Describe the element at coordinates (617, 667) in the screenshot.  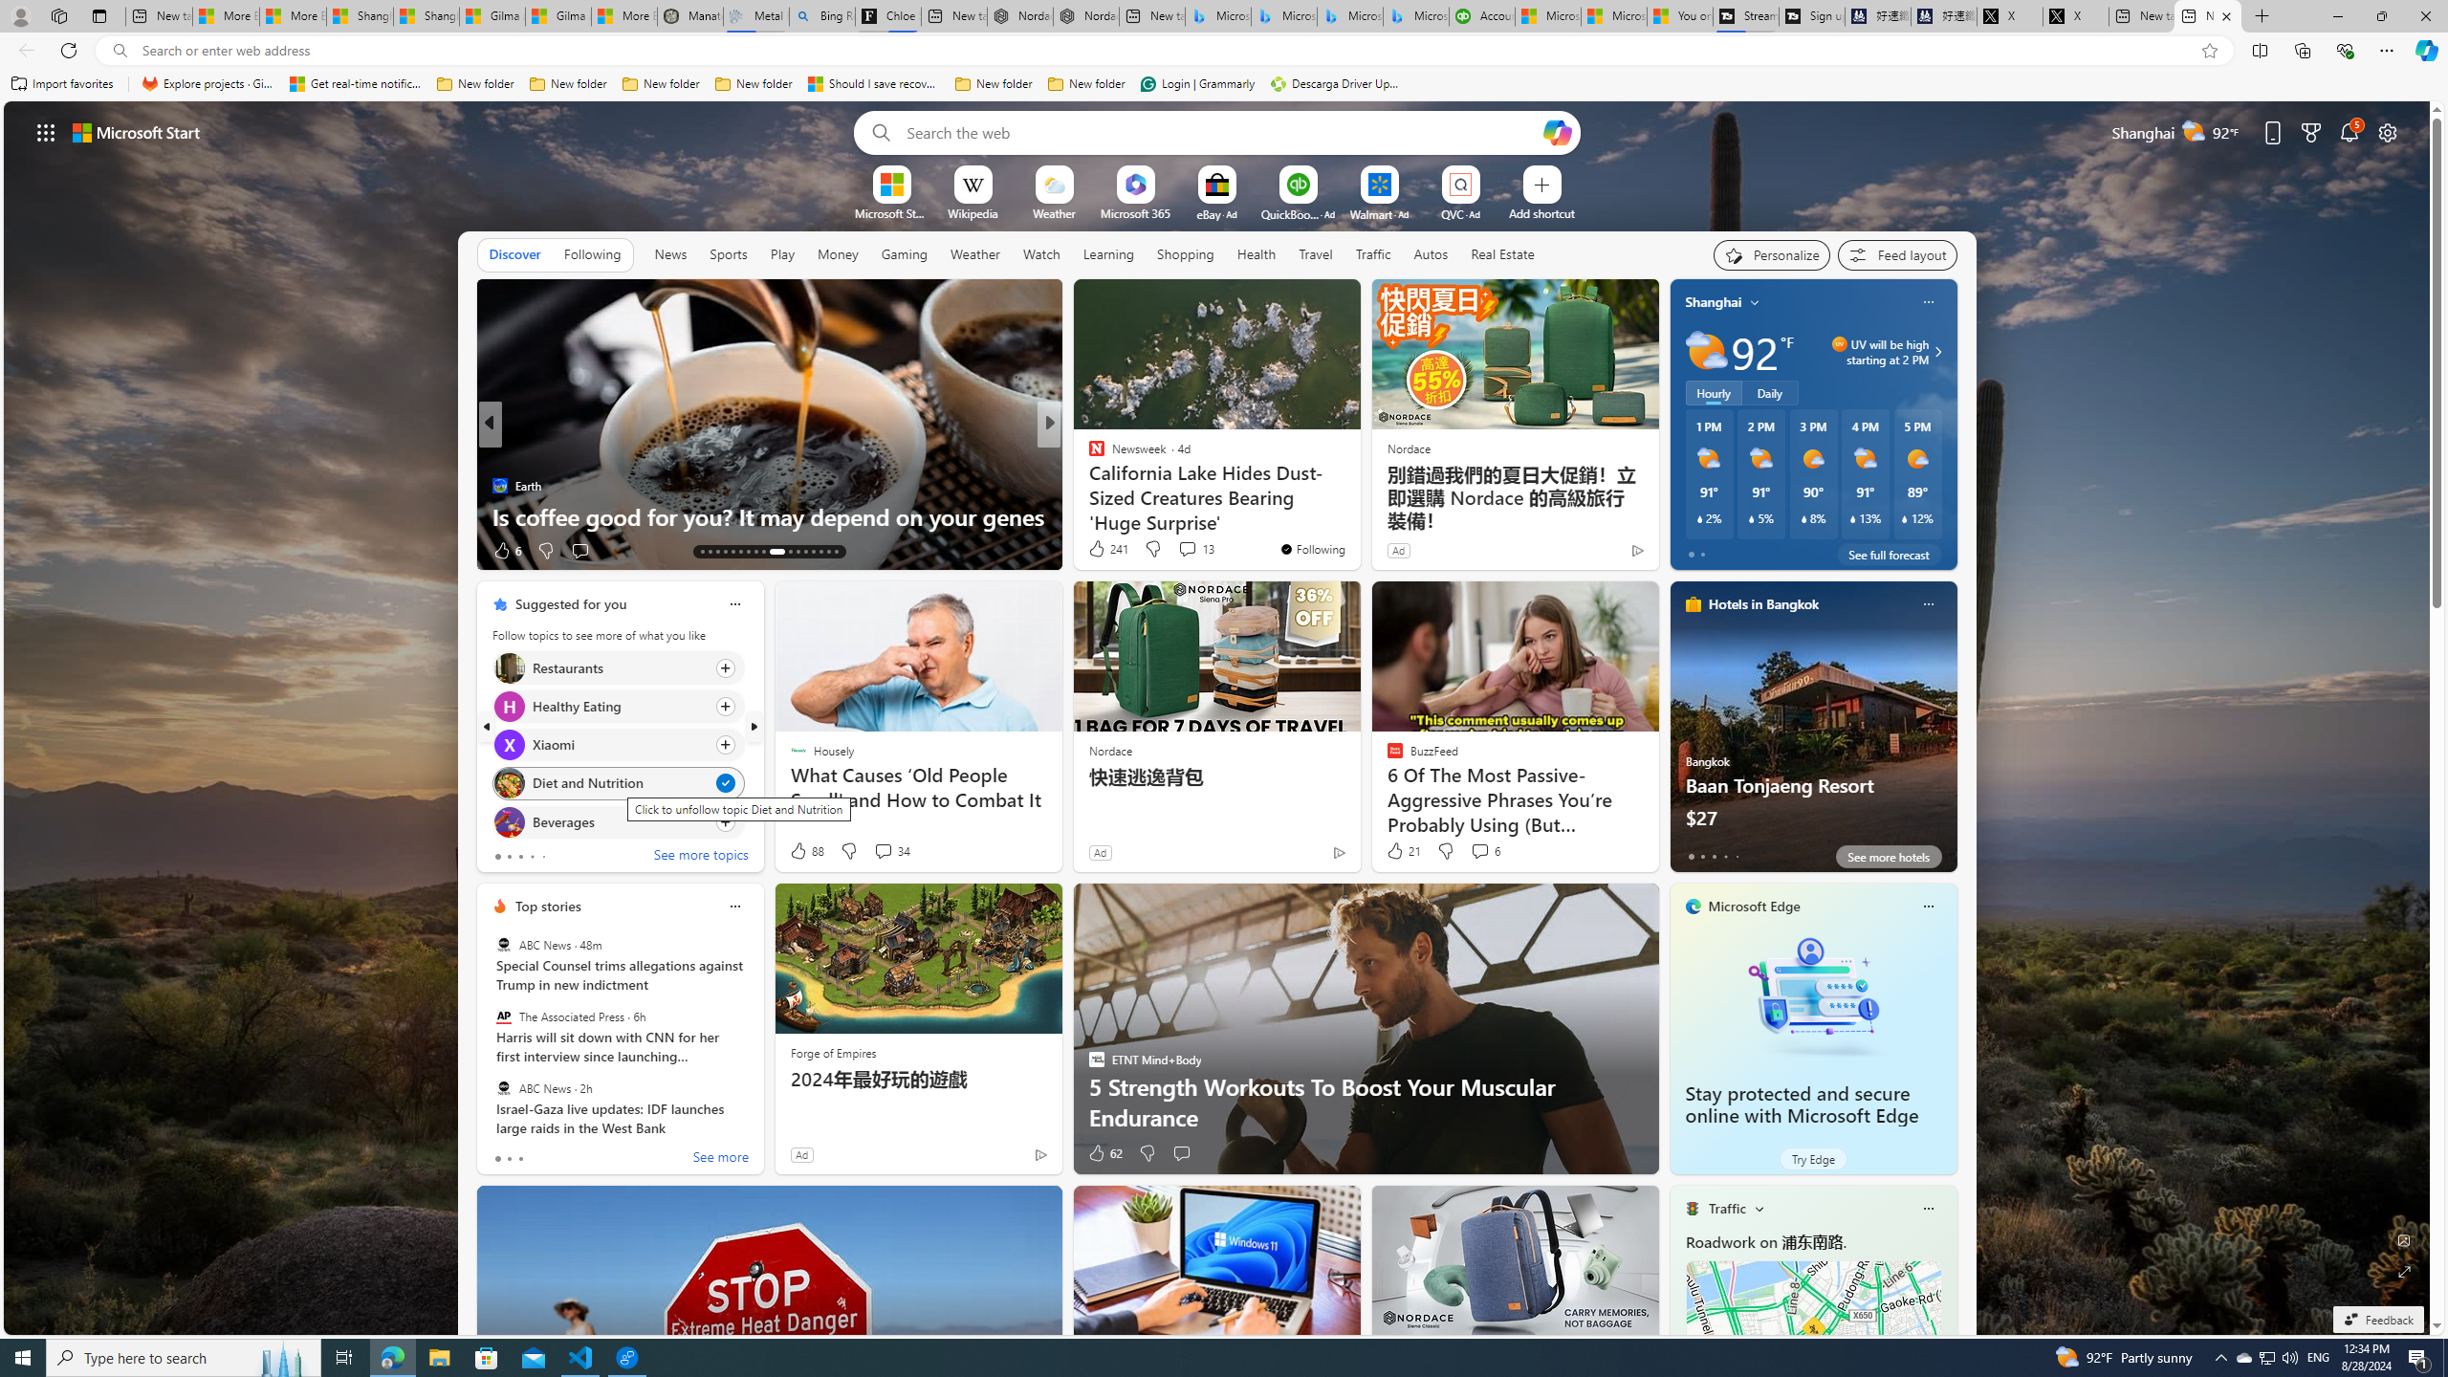
I see `'Click to follow topic Restaurants'` at that location.